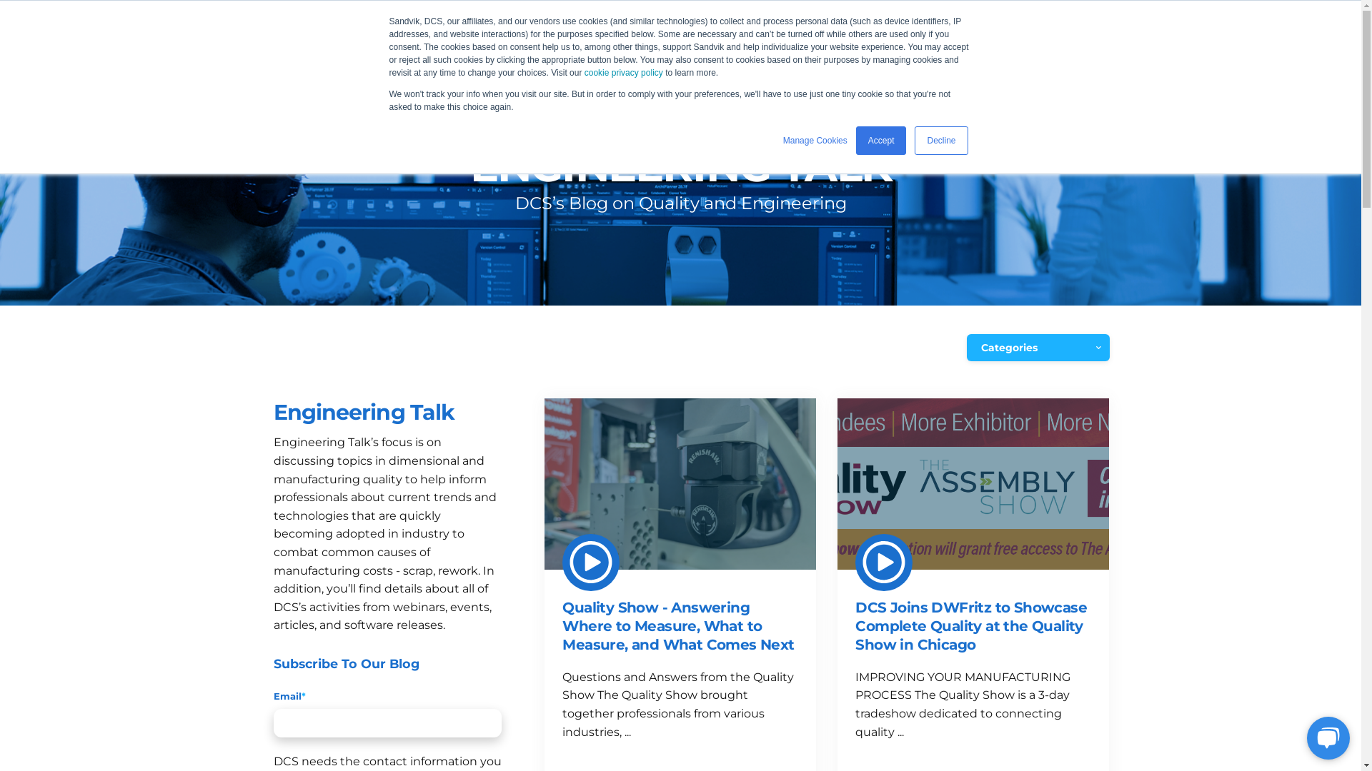 This screenshot has height=771, width=1372. What do you see at coordinates (852, 56) in the screenshot?
I see `'Connect'` at bounding box center [852, 56].